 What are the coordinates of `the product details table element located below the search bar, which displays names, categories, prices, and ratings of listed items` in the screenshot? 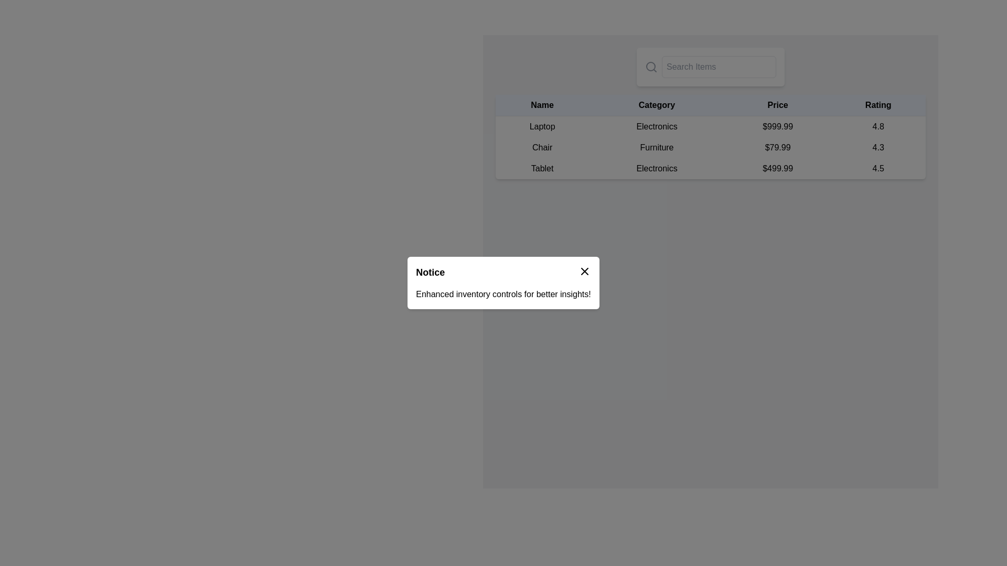 It's located at (710, 136).